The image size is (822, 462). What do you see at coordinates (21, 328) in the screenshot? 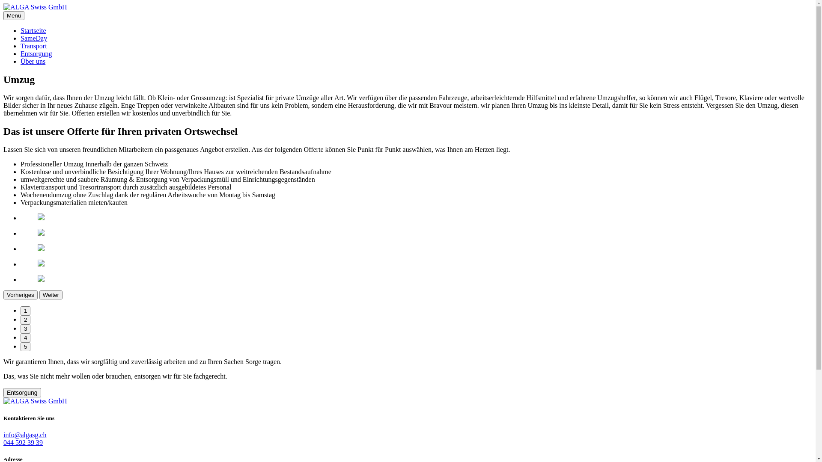
I see `'3'` at bounding box center [21, 328].